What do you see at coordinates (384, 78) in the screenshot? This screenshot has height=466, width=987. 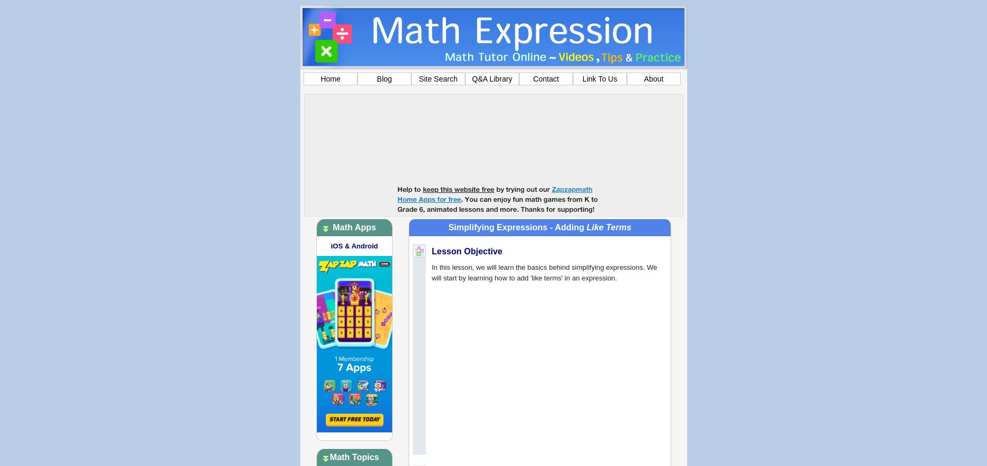 I see `'Blog'` at bounding box center [384, 78].